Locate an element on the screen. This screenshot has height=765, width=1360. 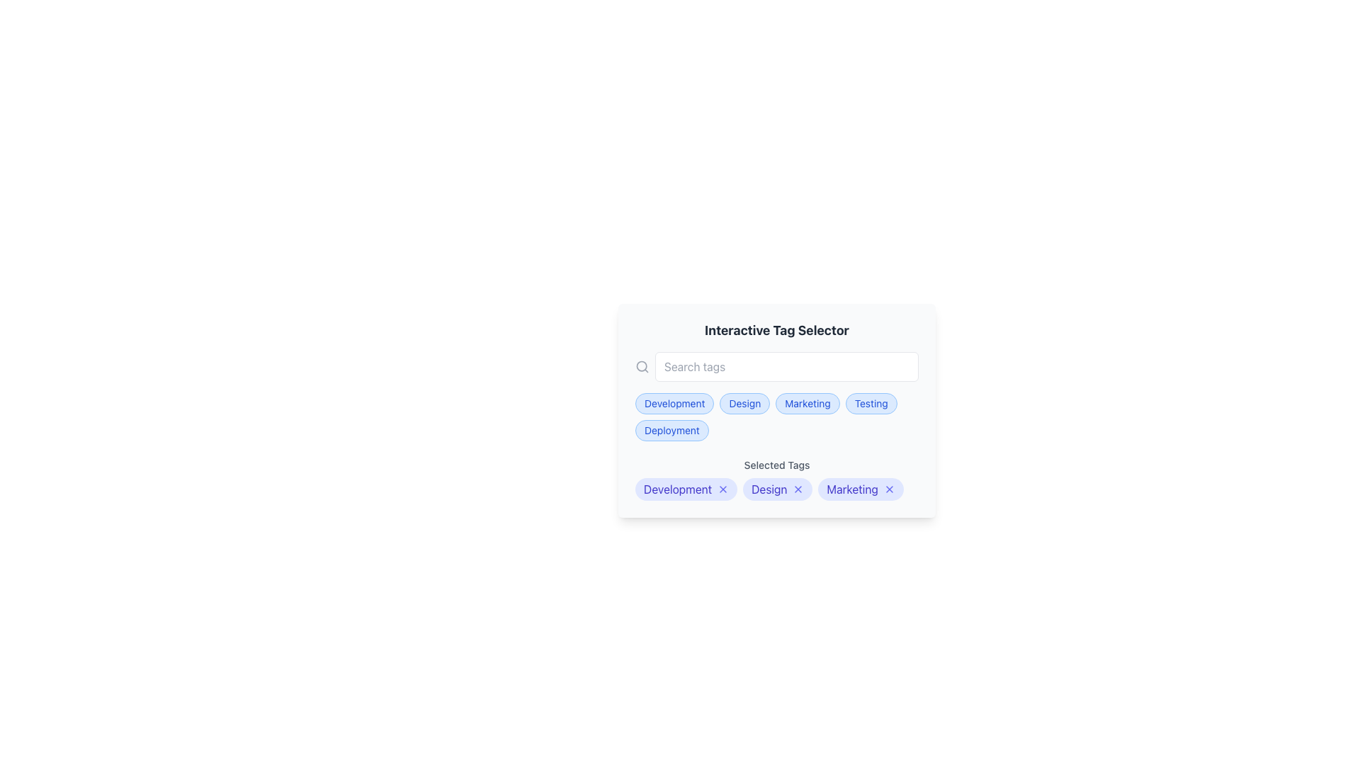
the 'x' icon next to the first selected tag in the 'Selected Tags' section is located at coordinates (686, 488).